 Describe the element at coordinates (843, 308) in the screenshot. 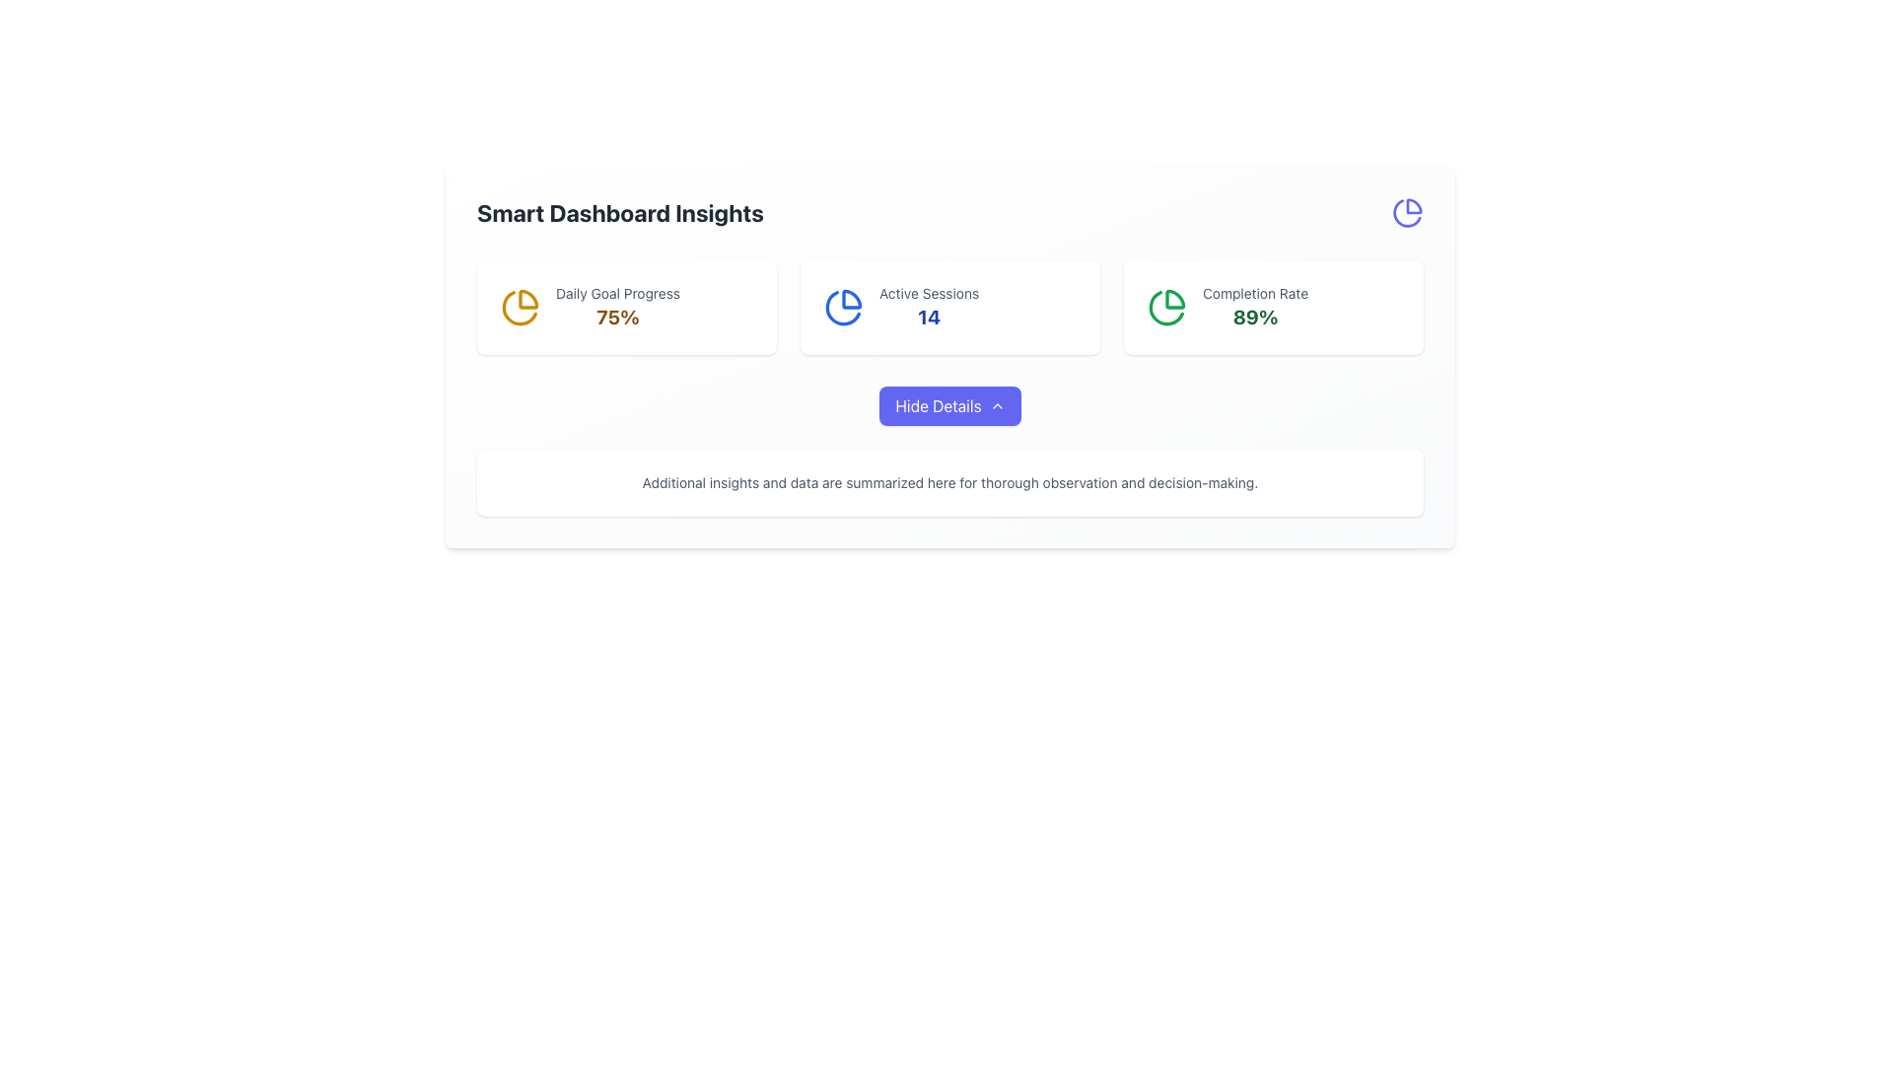

I see `the 'Active Sessions' icon located inside the white panel that visually indicates the 'Active Sessions' metric, positioned to the left of the 'Active Sessions' text and number (14)` at that location.